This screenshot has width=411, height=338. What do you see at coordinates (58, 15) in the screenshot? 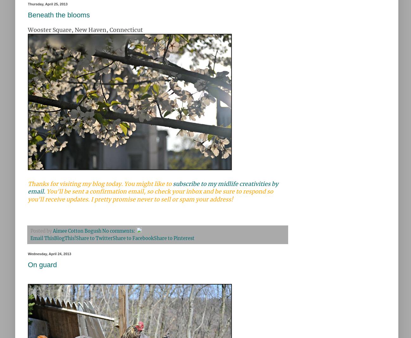
I see `'Beneath the blooms'` at bounding box center [58, 15].